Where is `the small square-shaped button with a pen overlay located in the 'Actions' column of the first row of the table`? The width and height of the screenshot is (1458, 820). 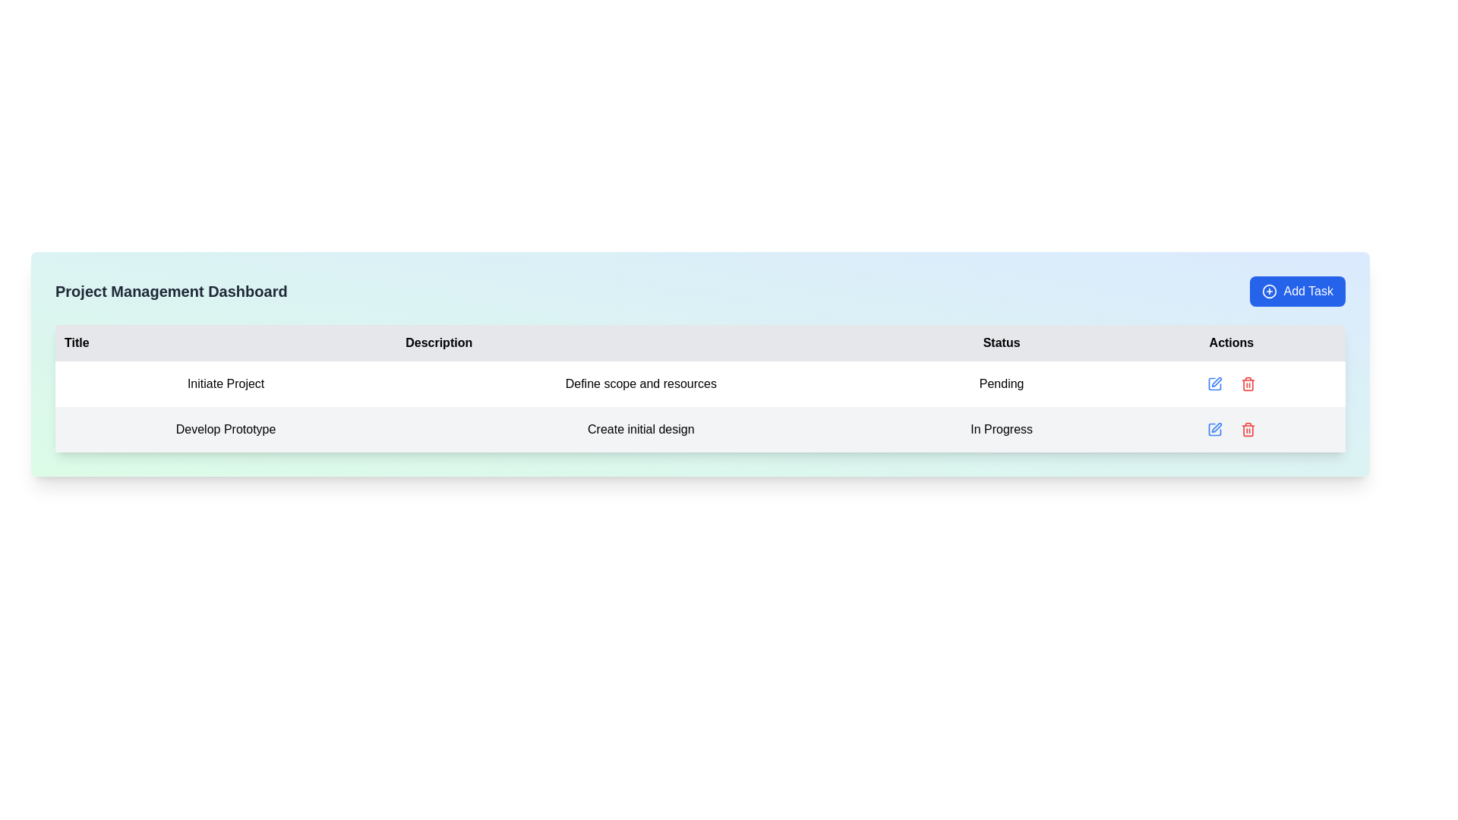 the small square-shaped button with a pen overlay located in the 'Actions' column of the first row of the table is located at coordinates (1213, 383).